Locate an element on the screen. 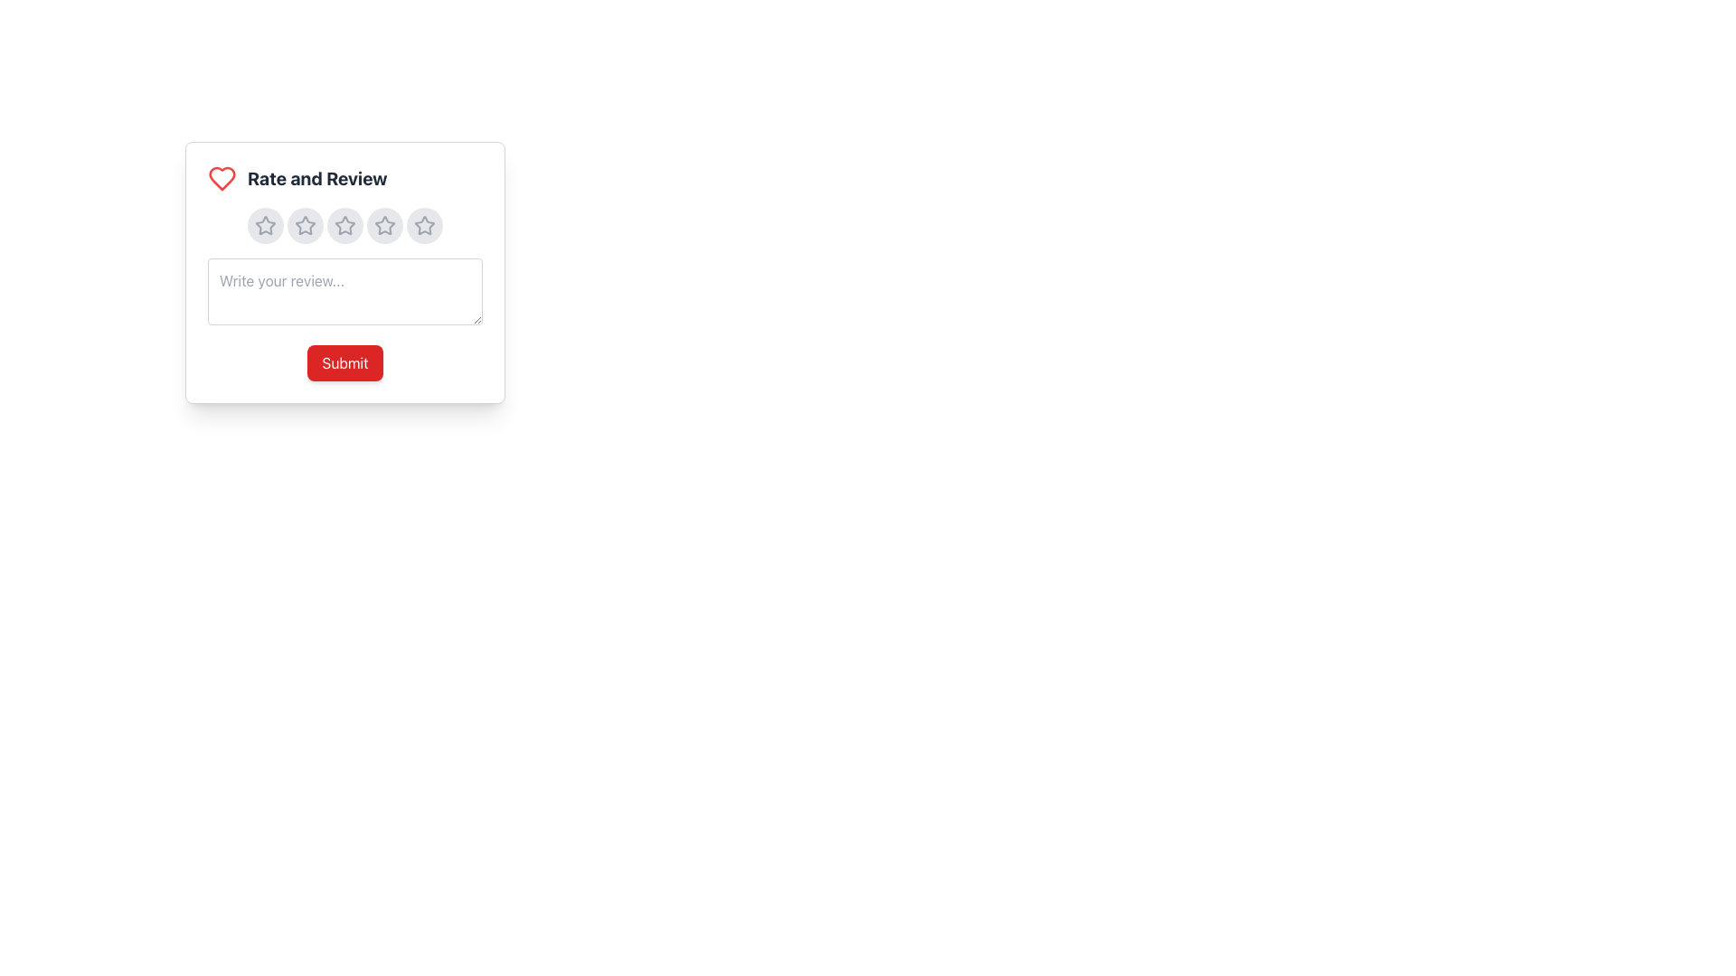 Image resolution: width=1736 pixels, height=976 pixels. the third star-shaped icon in the star rating system to select a three-star rating is located at coordinates (345, 224).